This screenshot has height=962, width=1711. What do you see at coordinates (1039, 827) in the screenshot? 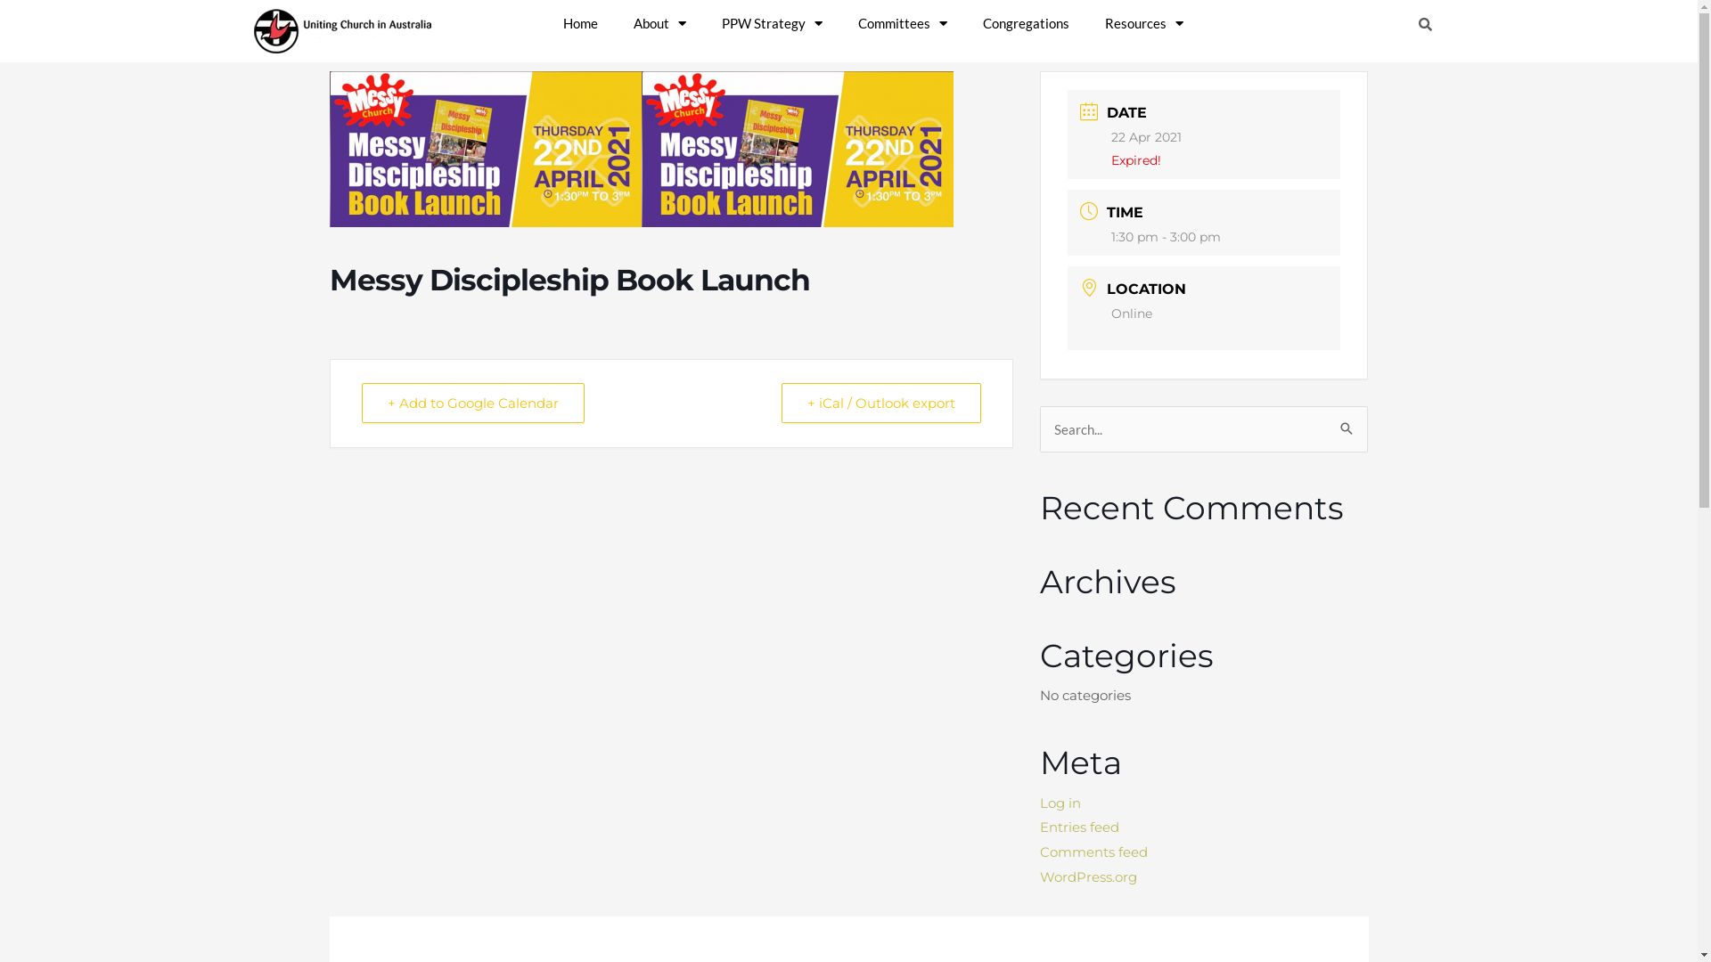
I see `'Entries feed'` at bounding box center [1039, 827].